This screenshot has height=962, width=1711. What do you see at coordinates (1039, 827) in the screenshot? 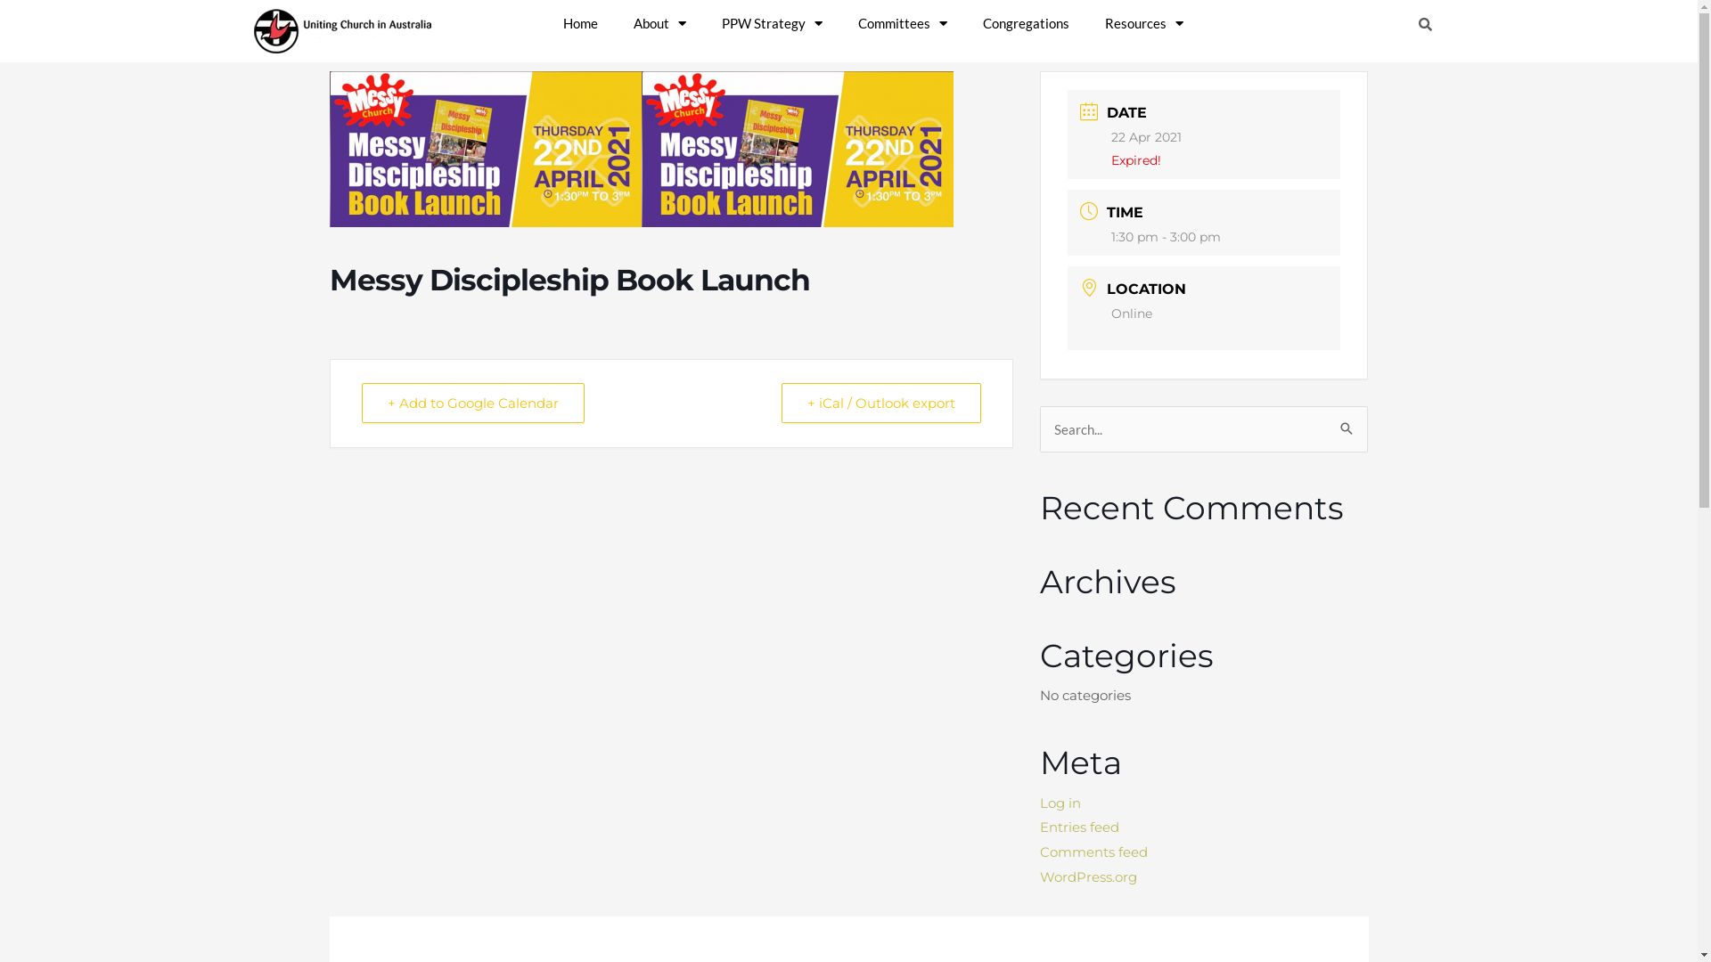
I see `'Entries feed'` at bounding box center [1039, 827].